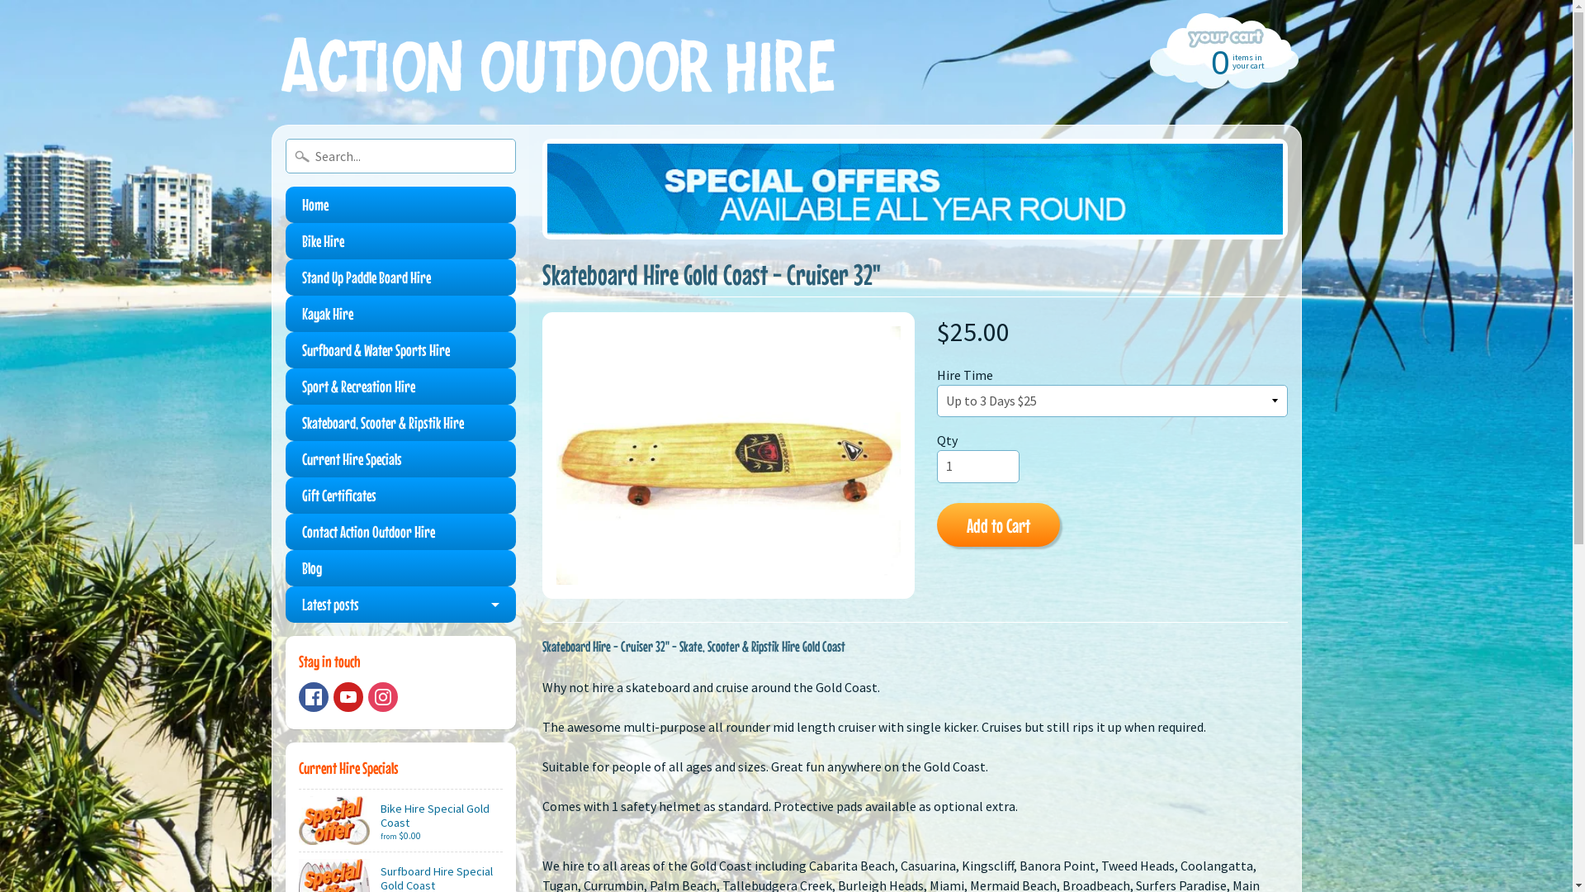 Image resolution: width=1585 pixels, height=892 pixels. What do you see at coordinates (400, 820) in the screenshot?
I see `'Bike Hire Special Gold Coast` at bounding box center [400, 820].